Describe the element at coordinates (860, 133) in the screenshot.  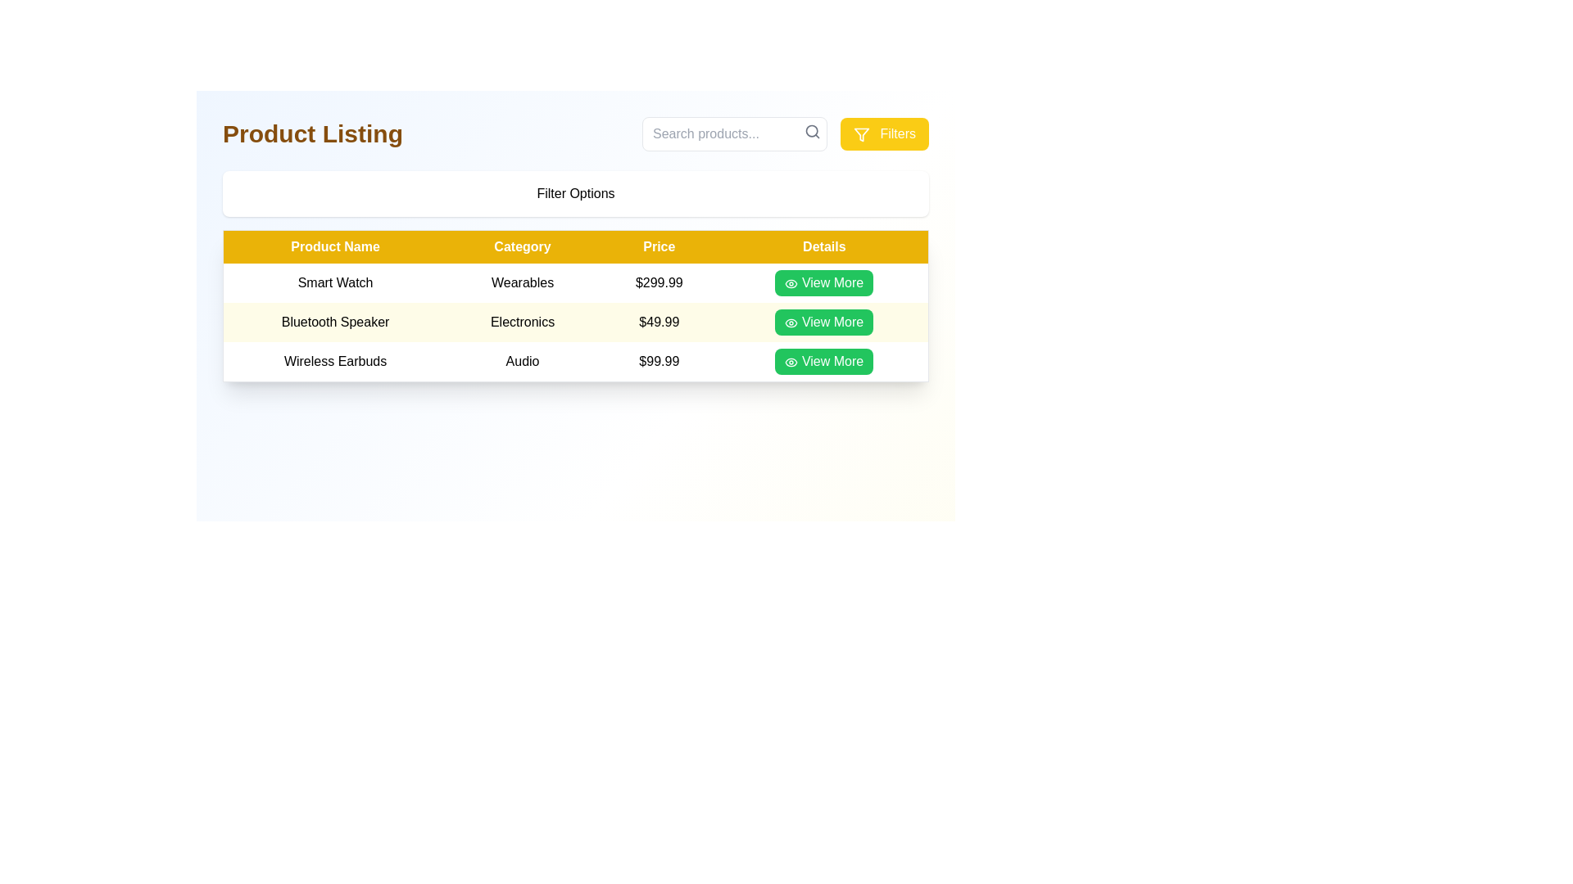
I see `the filter icon located within a yellow square button to the left of the 'Filters' button in the top-right area of the interface` at that location.